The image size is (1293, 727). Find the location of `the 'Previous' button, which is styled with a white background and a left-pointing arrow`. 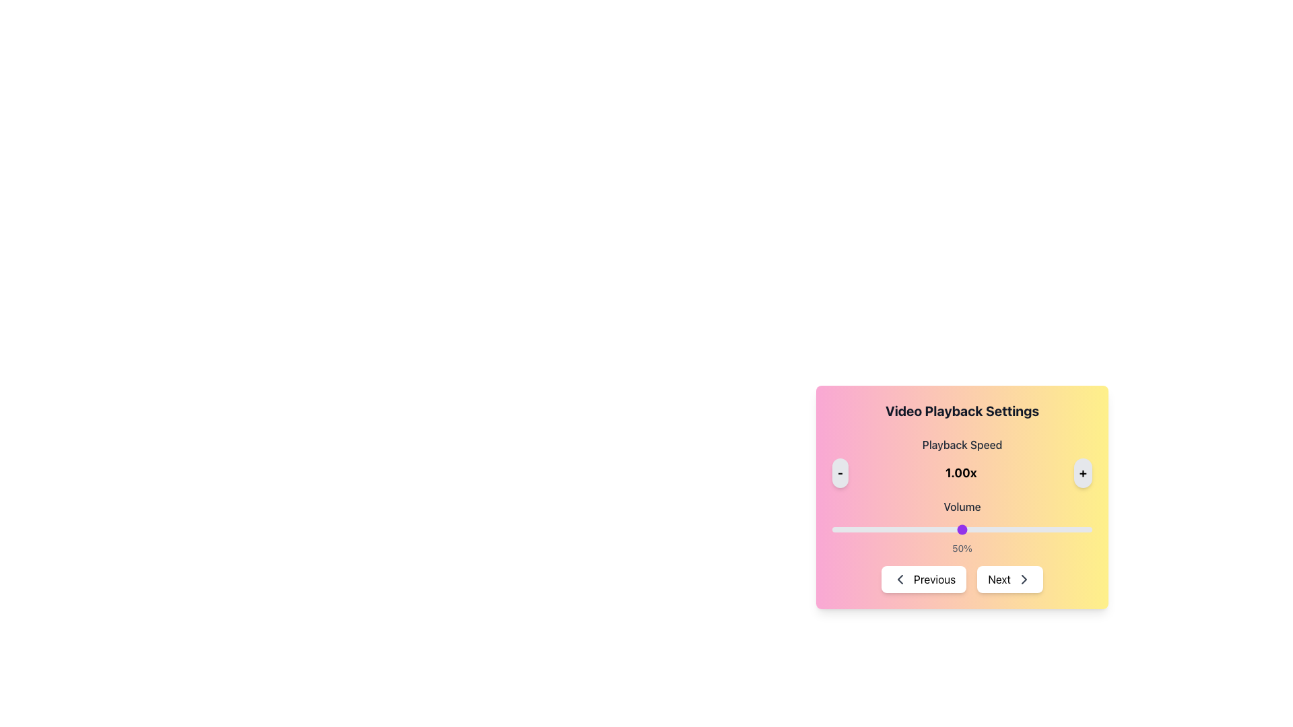

the 'Previous' button, which is styled with a white background and a left-pointing arrow is located at coordinates (923, 578).